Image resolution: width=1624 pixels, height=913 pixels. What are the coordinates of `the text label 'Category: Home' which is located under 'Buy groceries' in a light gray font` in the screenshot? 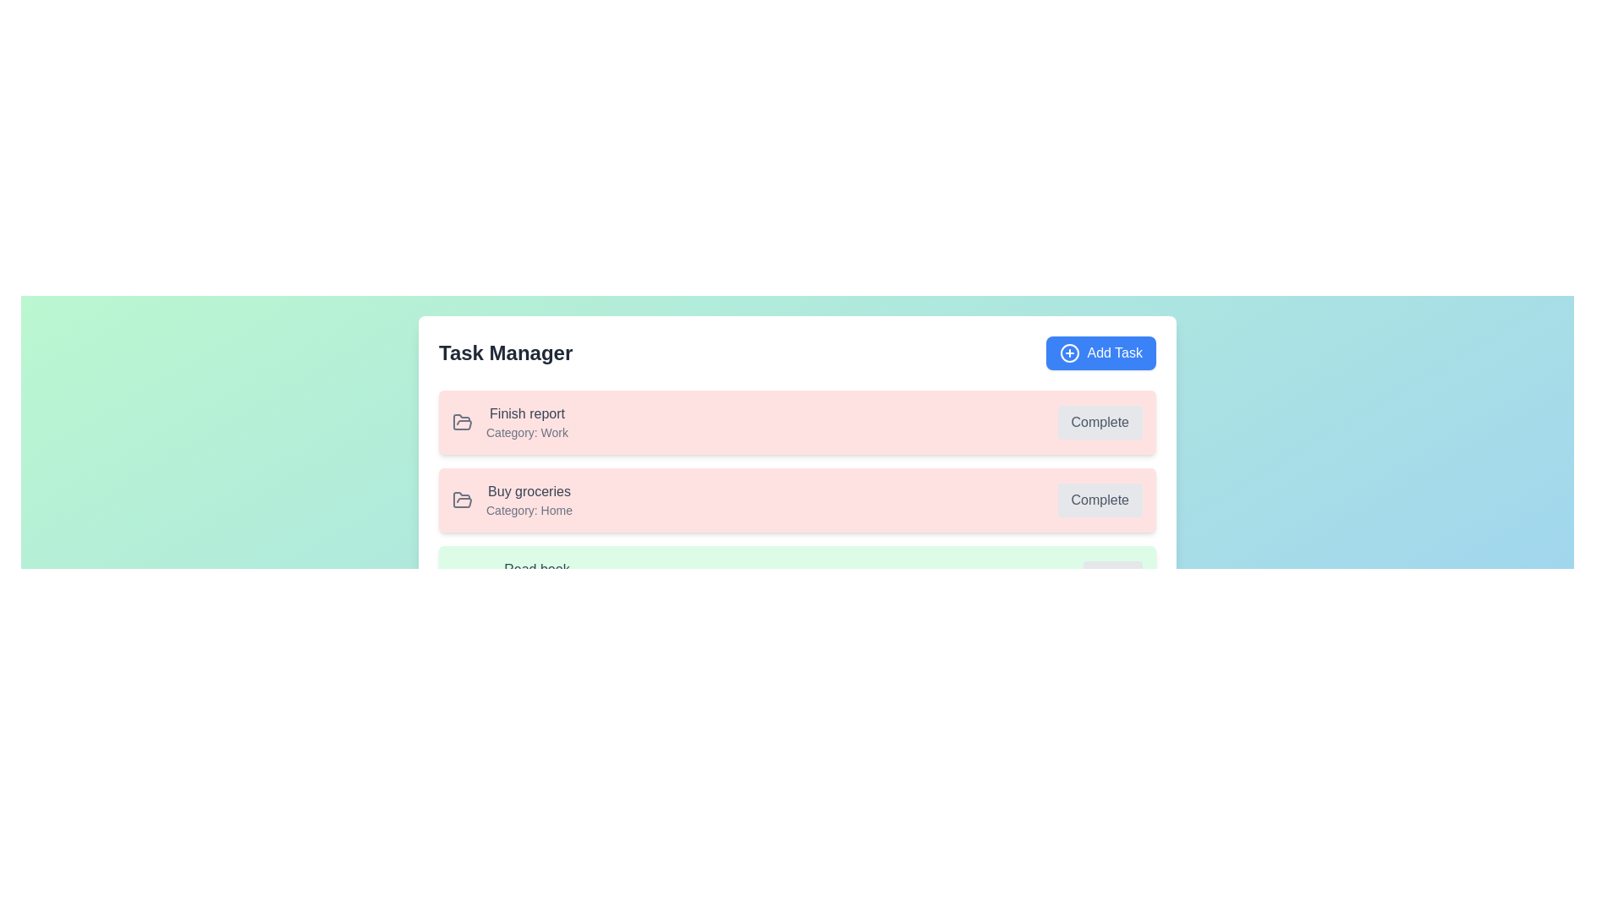 It's located at (528, 510).